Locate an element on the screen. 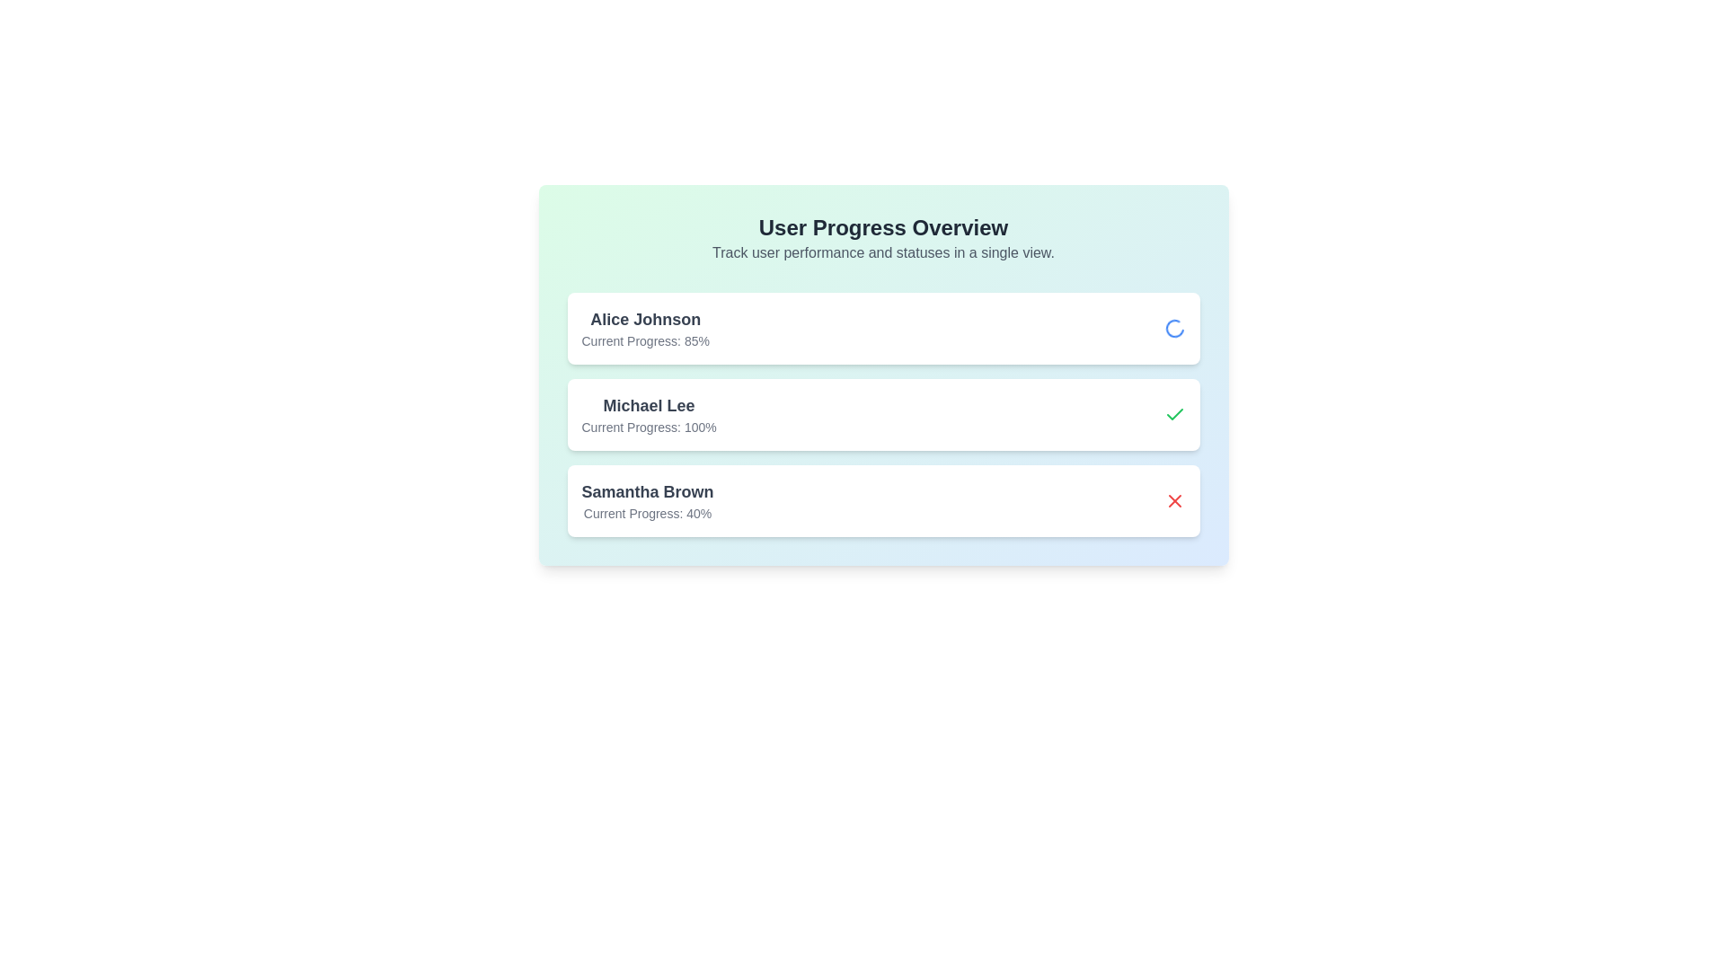  the progress label displaying 40% located beneath 'Samantha Brown' in the bottom-most card of the user progress summary is located at coordinates (647, 513).